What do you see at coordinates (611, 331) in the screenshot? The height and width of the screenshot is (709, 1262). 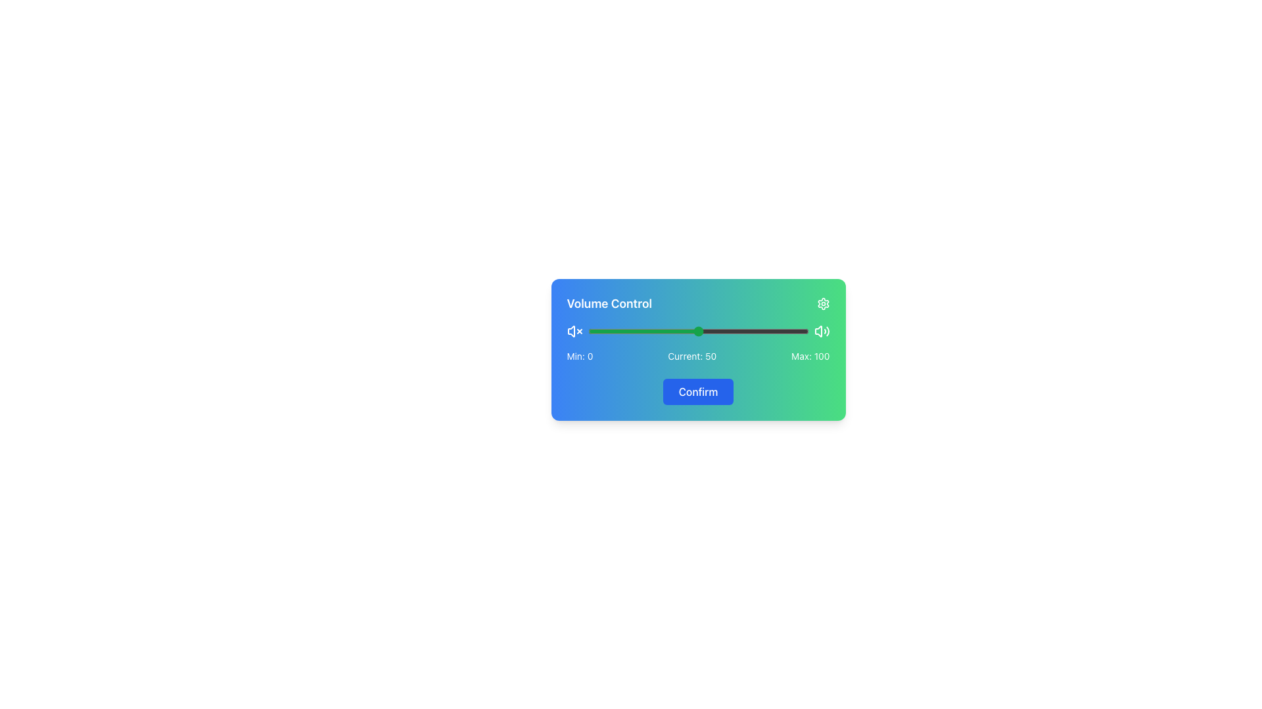 I see `the volume` at bounding box center [611, 331].